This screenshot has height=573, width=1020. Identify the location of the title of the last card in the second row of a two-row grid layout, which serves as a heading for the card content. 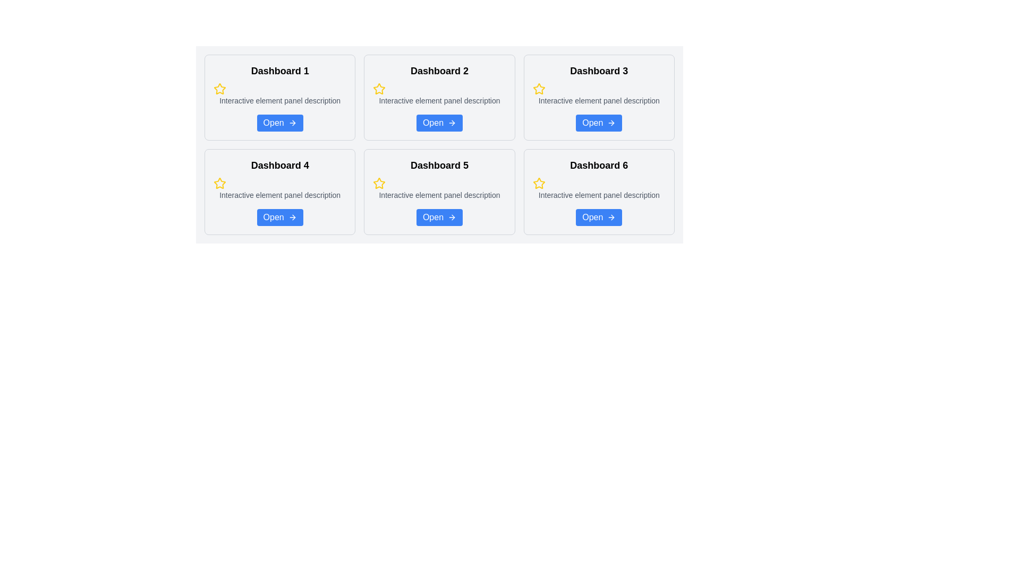
(599, 166).